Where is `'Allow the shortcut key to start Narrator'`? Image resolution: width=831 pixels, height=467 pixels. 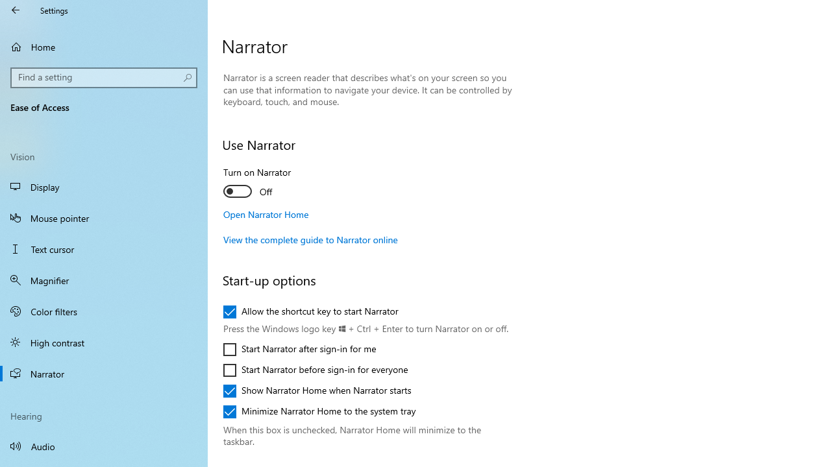 'Allow the shortcut key to start Narrator' is located at coordinates (310, 311).